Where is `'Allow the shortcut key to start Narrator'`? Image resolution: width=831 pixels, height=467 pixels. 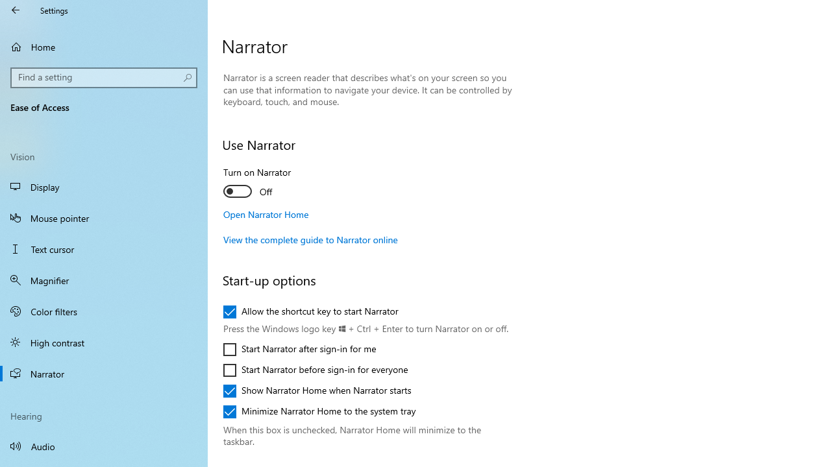 'Allow the shortcut key to start Narrator' is located at coordinates (310, 311).